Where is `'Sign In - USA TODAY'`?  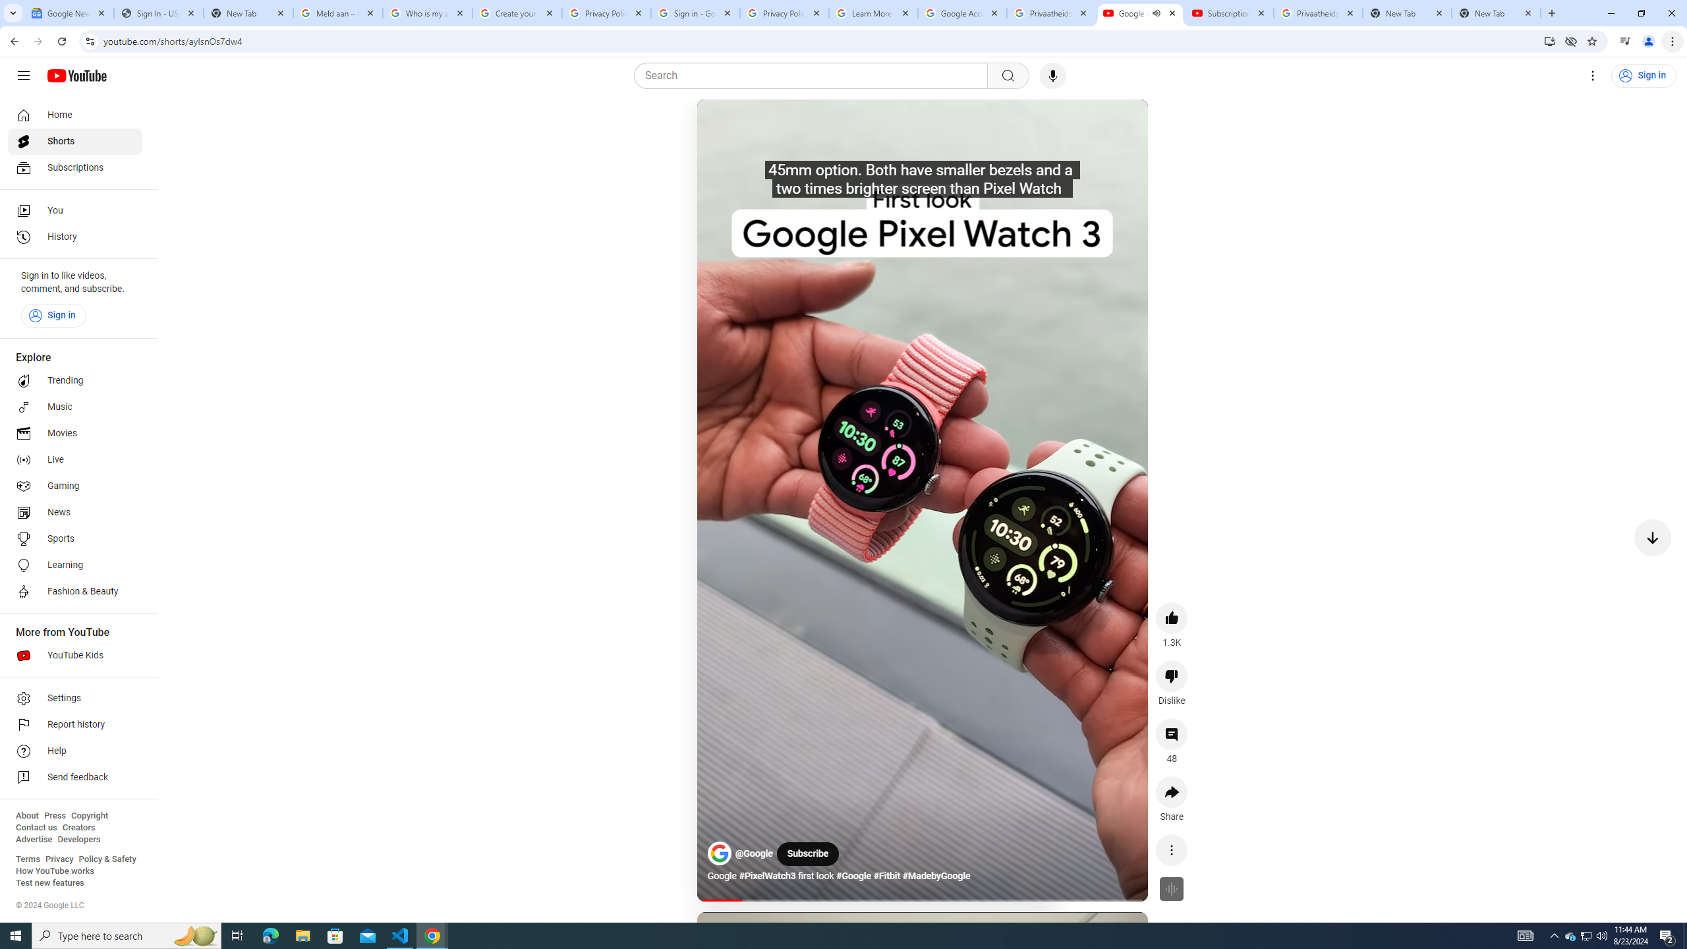 'Sign In - USA TODAY' is located at coordinates (158, 13).